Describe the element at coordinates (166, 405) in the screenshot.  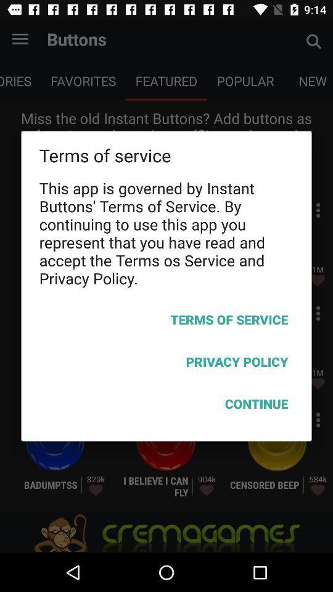
I see `the continue` at that location.